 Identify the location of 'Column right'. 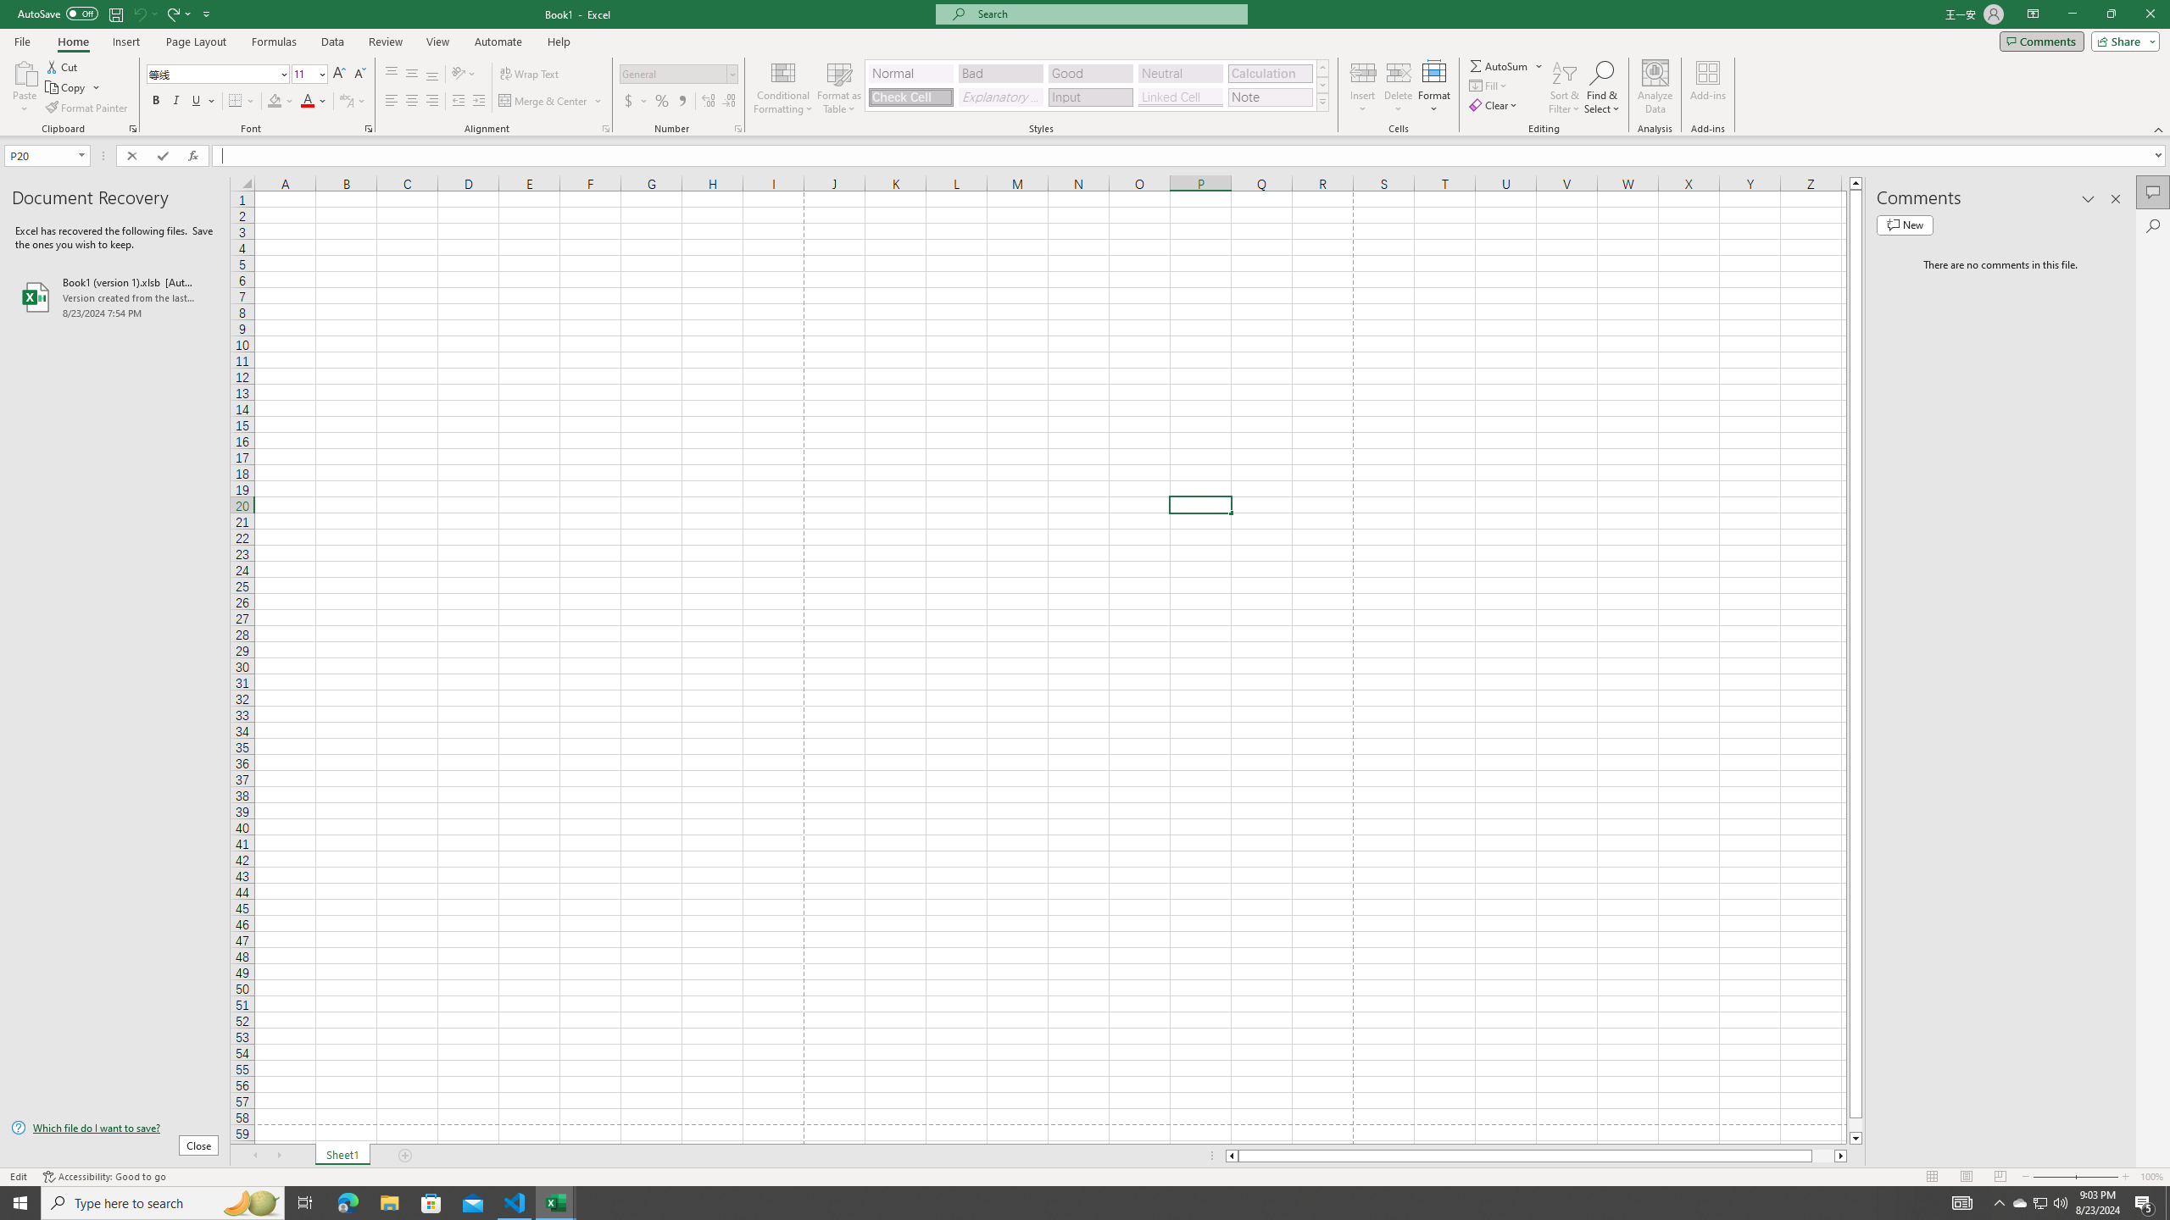
(1841, 1155).